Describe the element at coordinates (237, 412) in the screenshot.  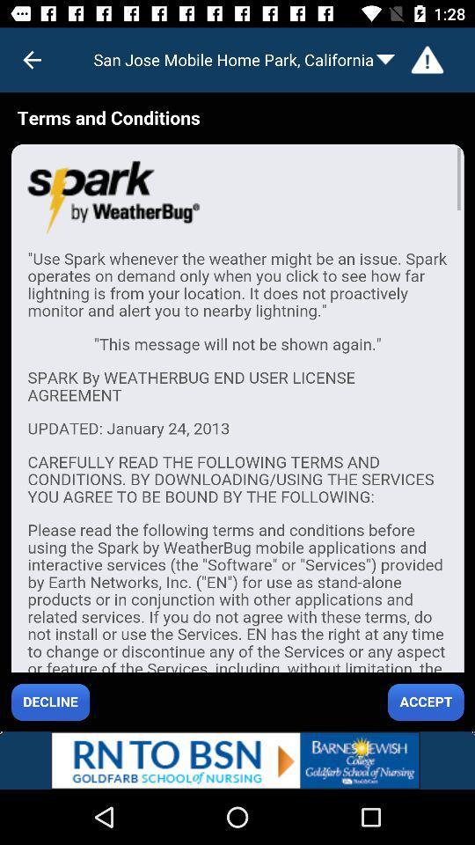
I see `the terms and conditions page` at that location.